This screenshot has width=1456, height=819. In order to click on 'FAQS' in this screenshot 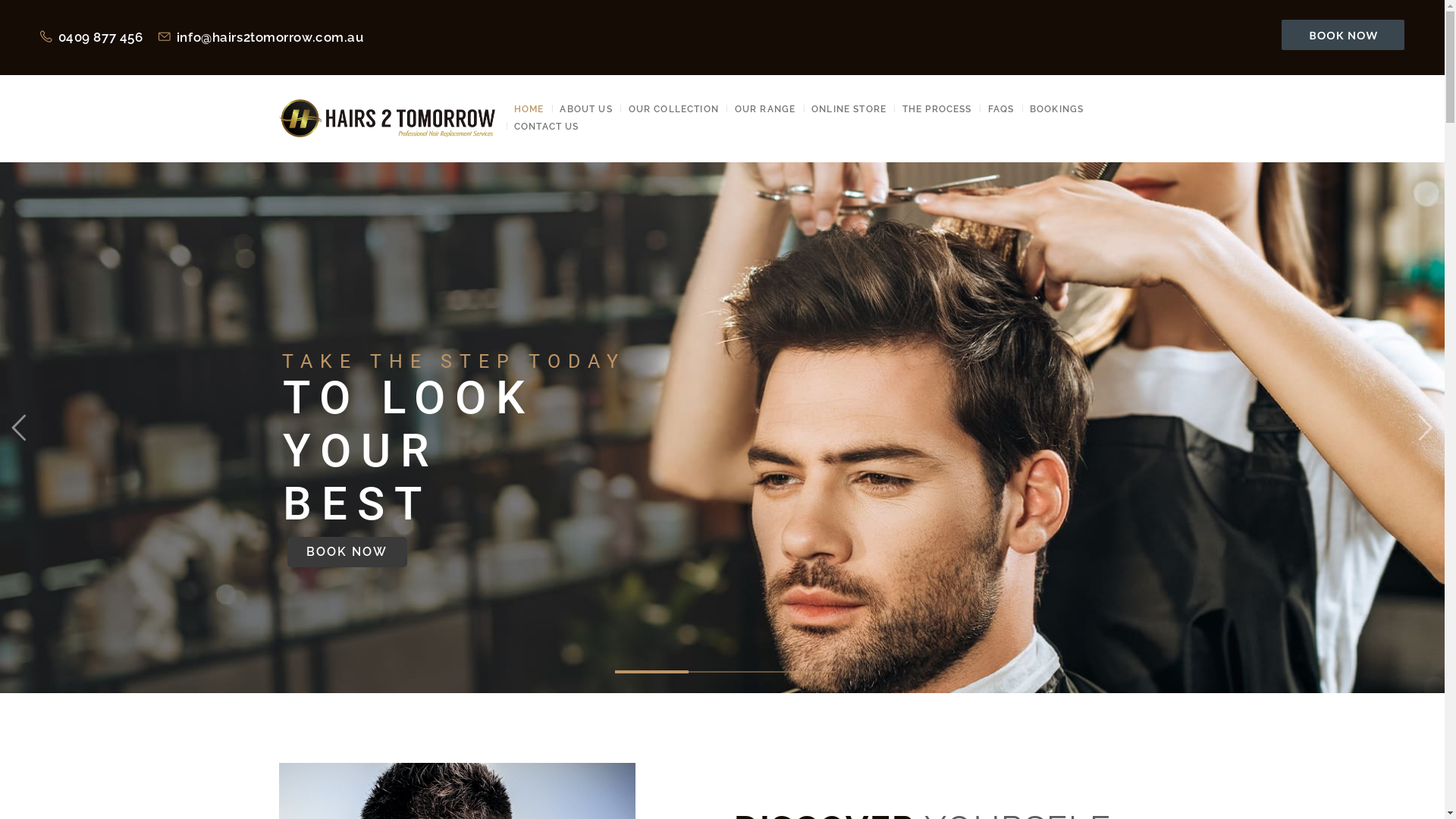, I will do `click(1001, 108)`.